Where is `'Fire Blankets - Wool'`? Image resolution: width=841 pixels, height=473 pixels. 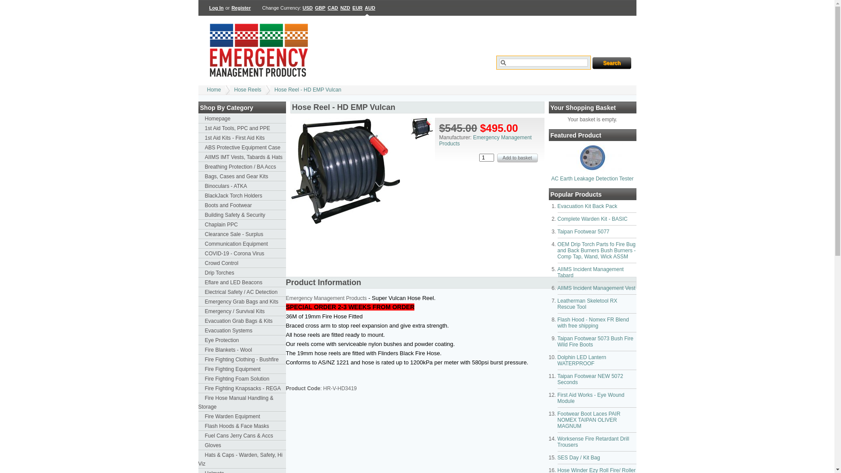
'Fire Blankets - Wool' is located at coordinates (242, 349).